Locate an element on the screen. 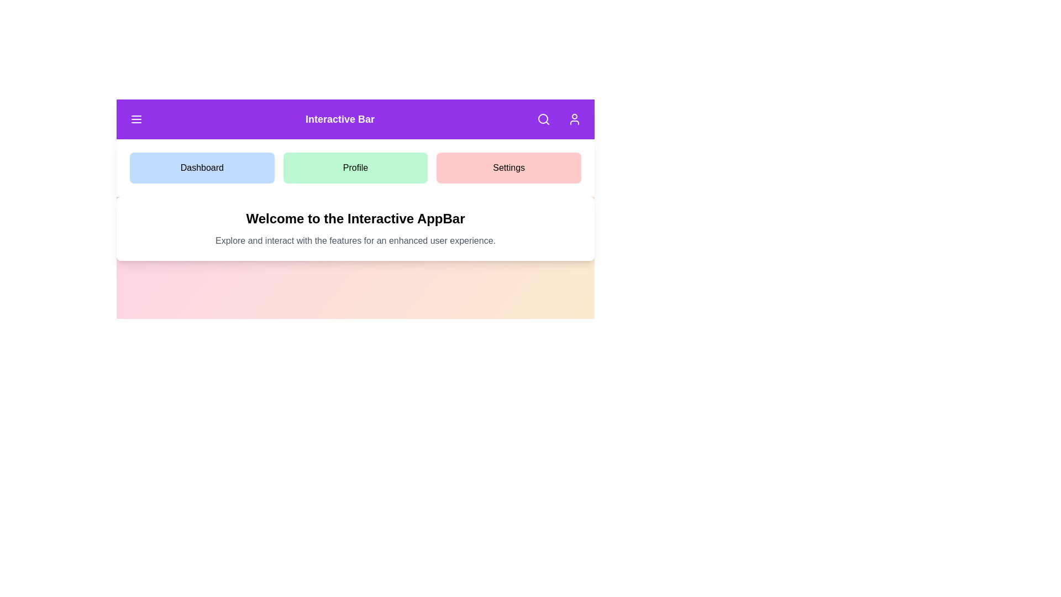 This screenshot has width=1061, height=597. the button labeled User to observe its hover effect is located at coordinates (575, 119).